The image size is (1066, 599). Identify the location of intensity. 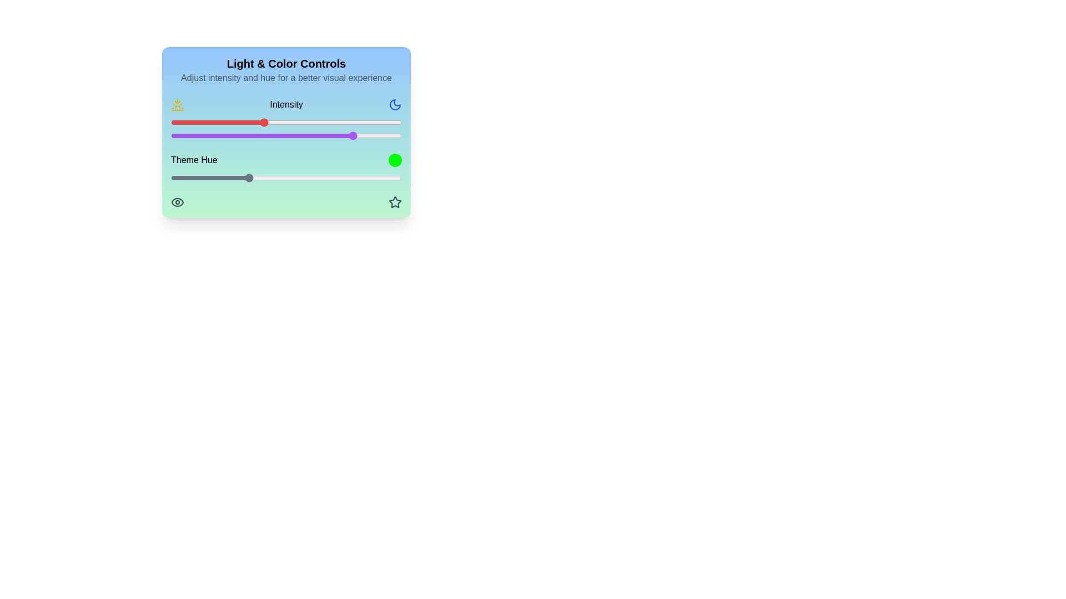
(270, 122).